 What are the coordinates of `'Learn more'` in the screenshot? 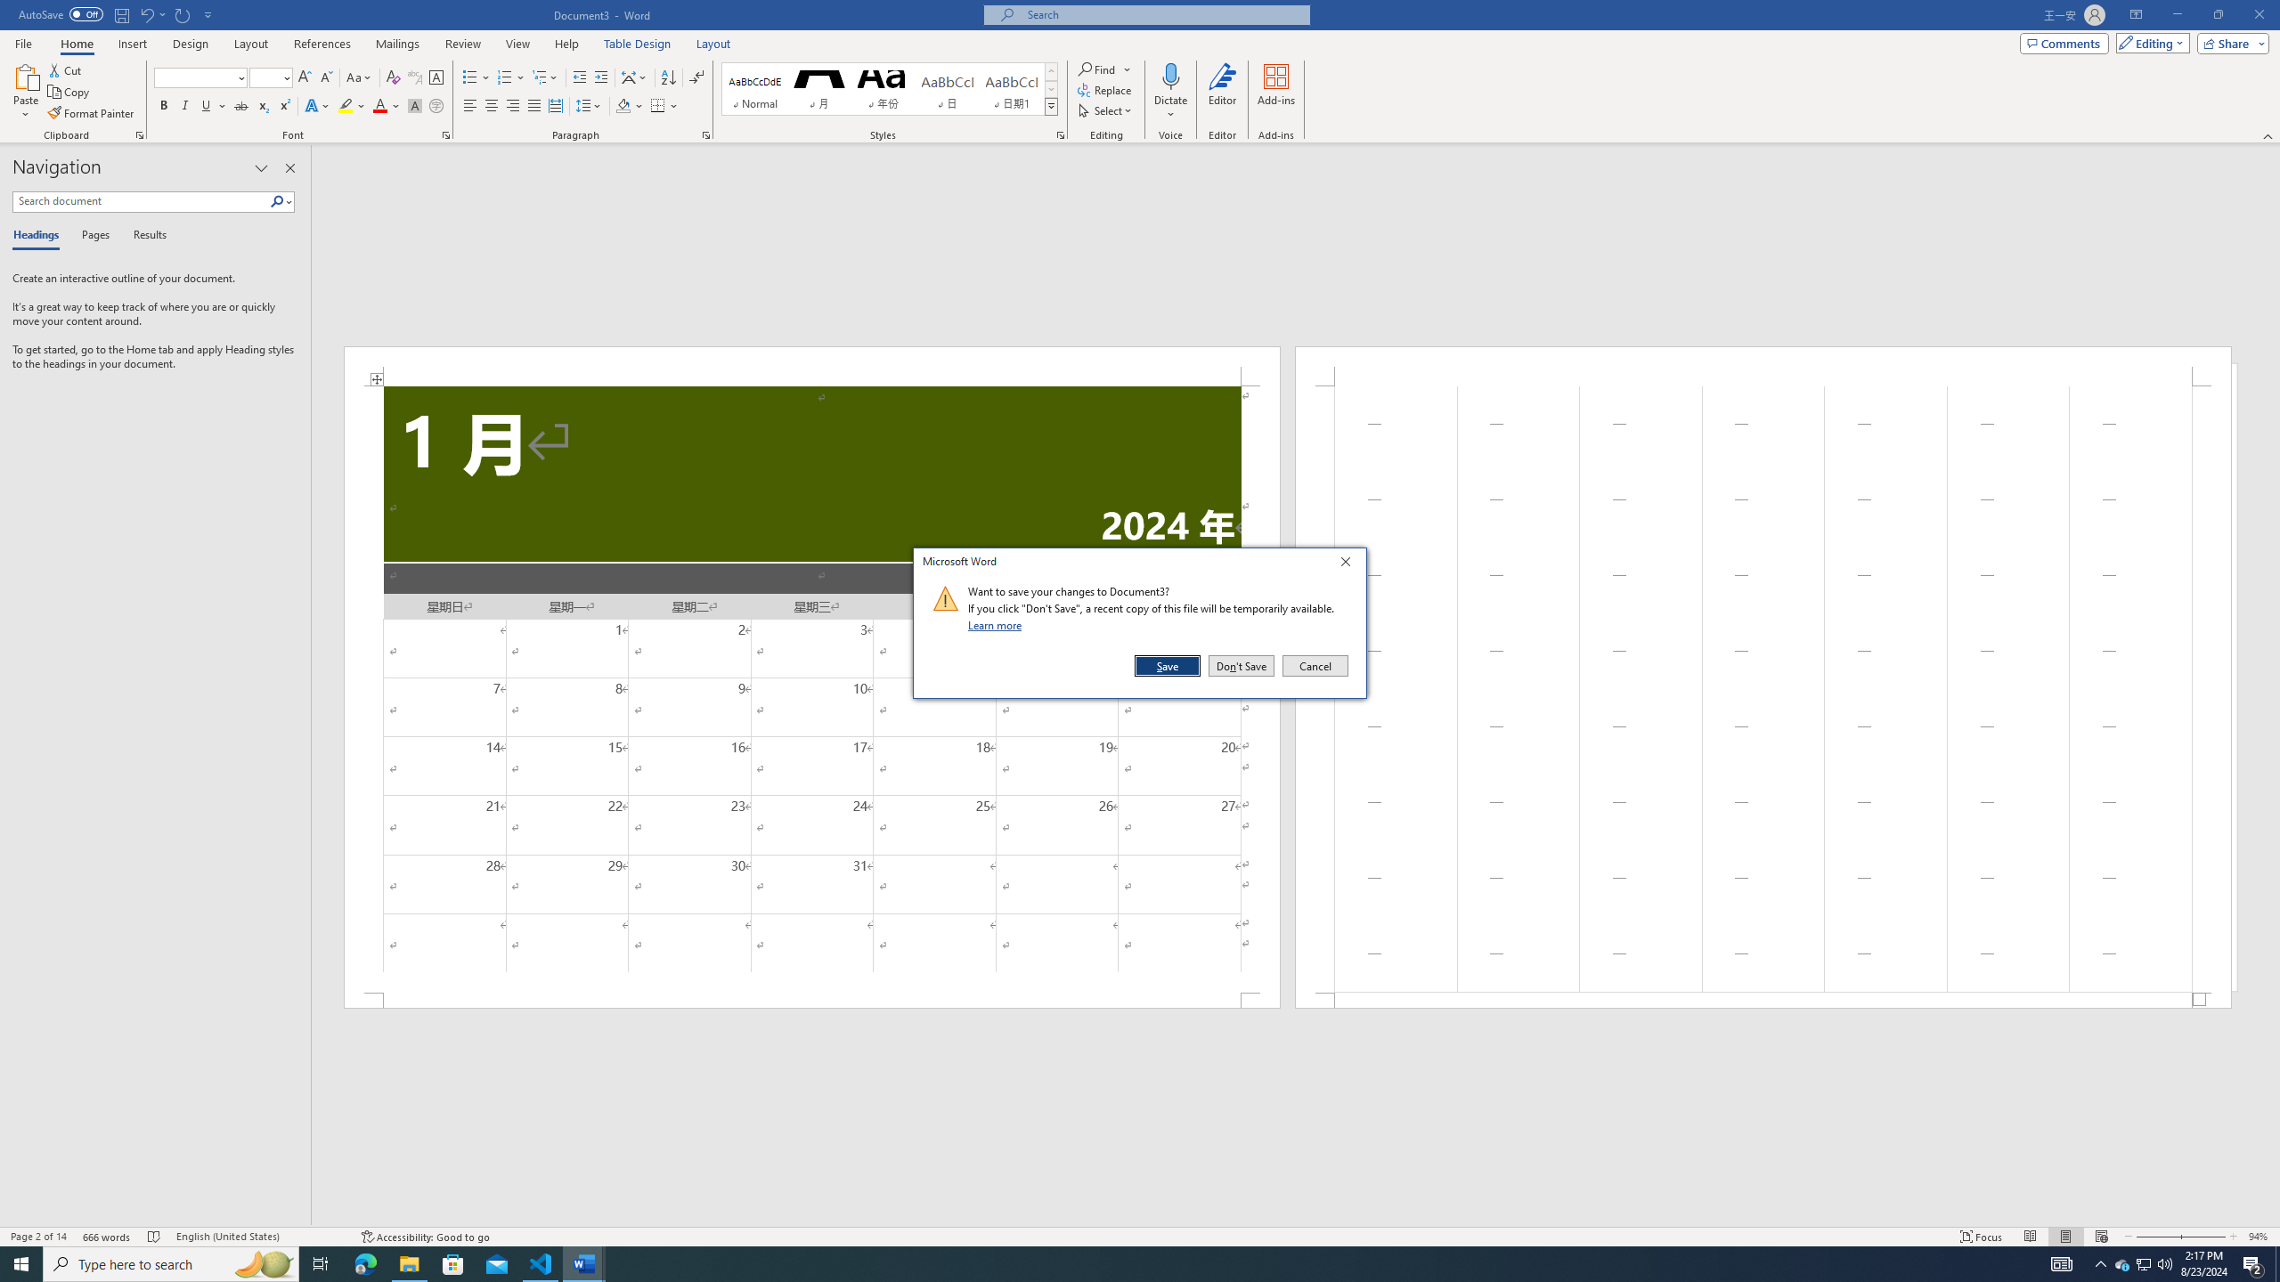 It's located at (997, 624).